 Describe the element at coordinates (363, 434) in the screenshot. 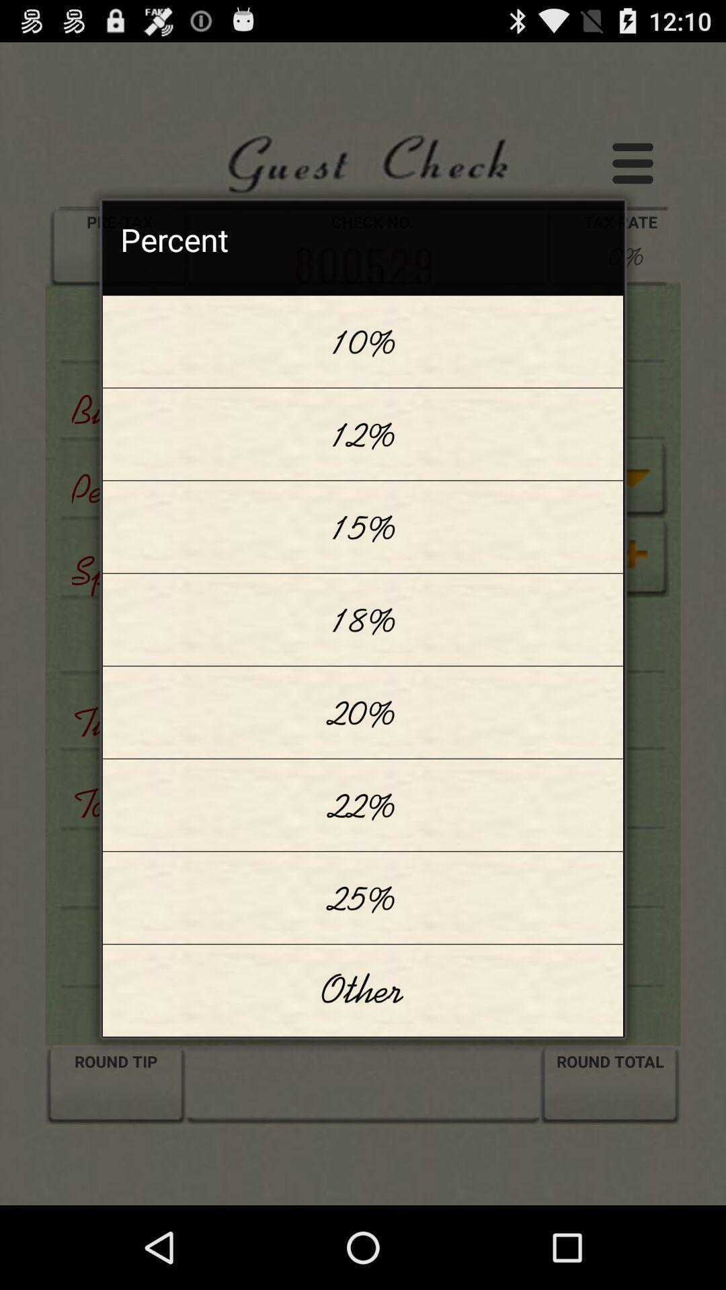

I see `the item below 10% icon` at that location.